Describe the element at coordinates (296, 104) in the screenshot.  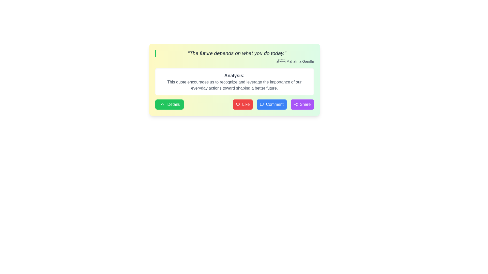
I see `the visual properties of the sharing icon located to the left of the 'Share' text in the 'Share' button area at the bottom-right of the card component` at that location.